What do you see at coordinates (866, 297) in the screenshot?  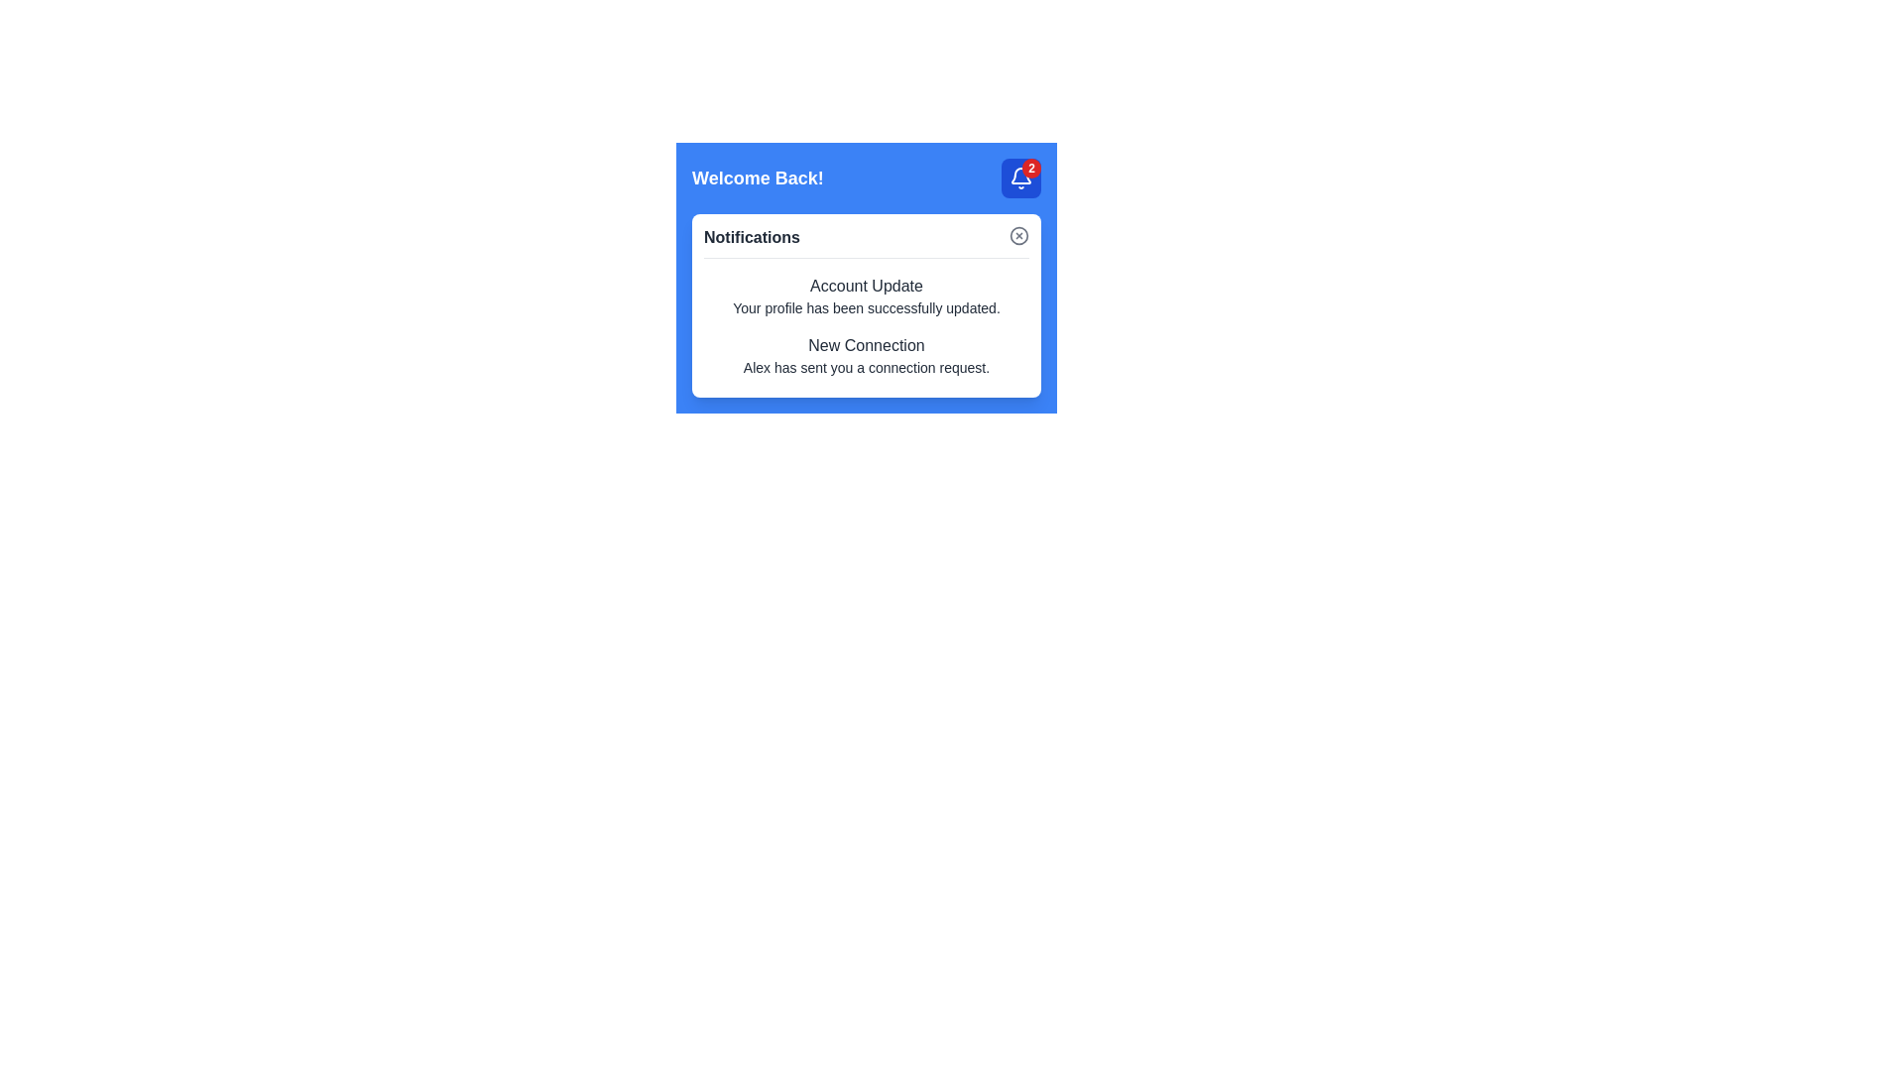 I see `the informational text block displaying 'Account Update' and the message 'Your profile has been successfully updated.' located in the Notifications section` at bounding box center [866, 297].